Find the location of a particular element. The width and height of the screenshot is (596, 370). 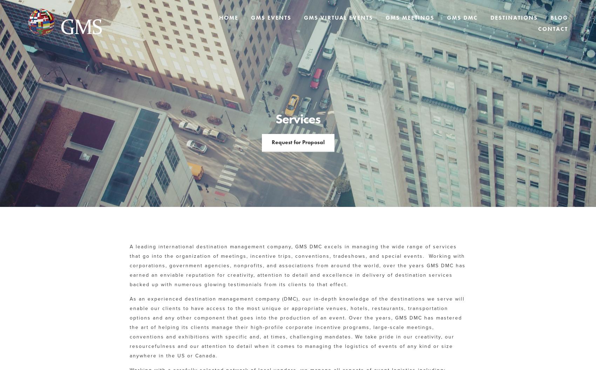

'Destinations' is located at coordinates (490, 18).